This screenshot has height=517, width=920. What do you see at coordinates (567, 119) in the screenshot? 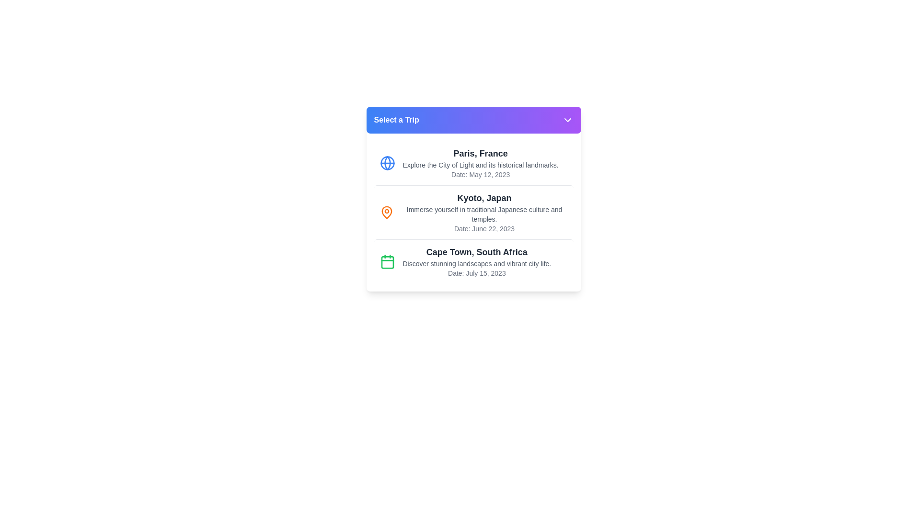
I see `the SVG icon located at the end of the purple gradient bar labeled 'Select a Trip'` at bounding box center [567, 119].